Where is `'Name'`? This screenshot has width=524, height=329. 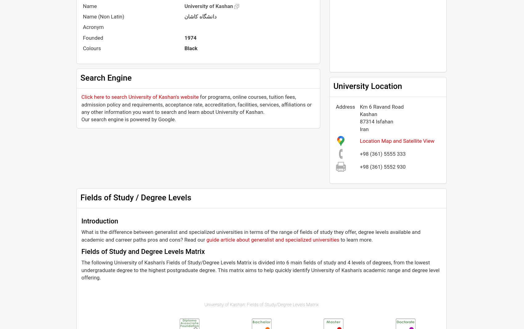 'Name' is located at coordinates (90, 6).